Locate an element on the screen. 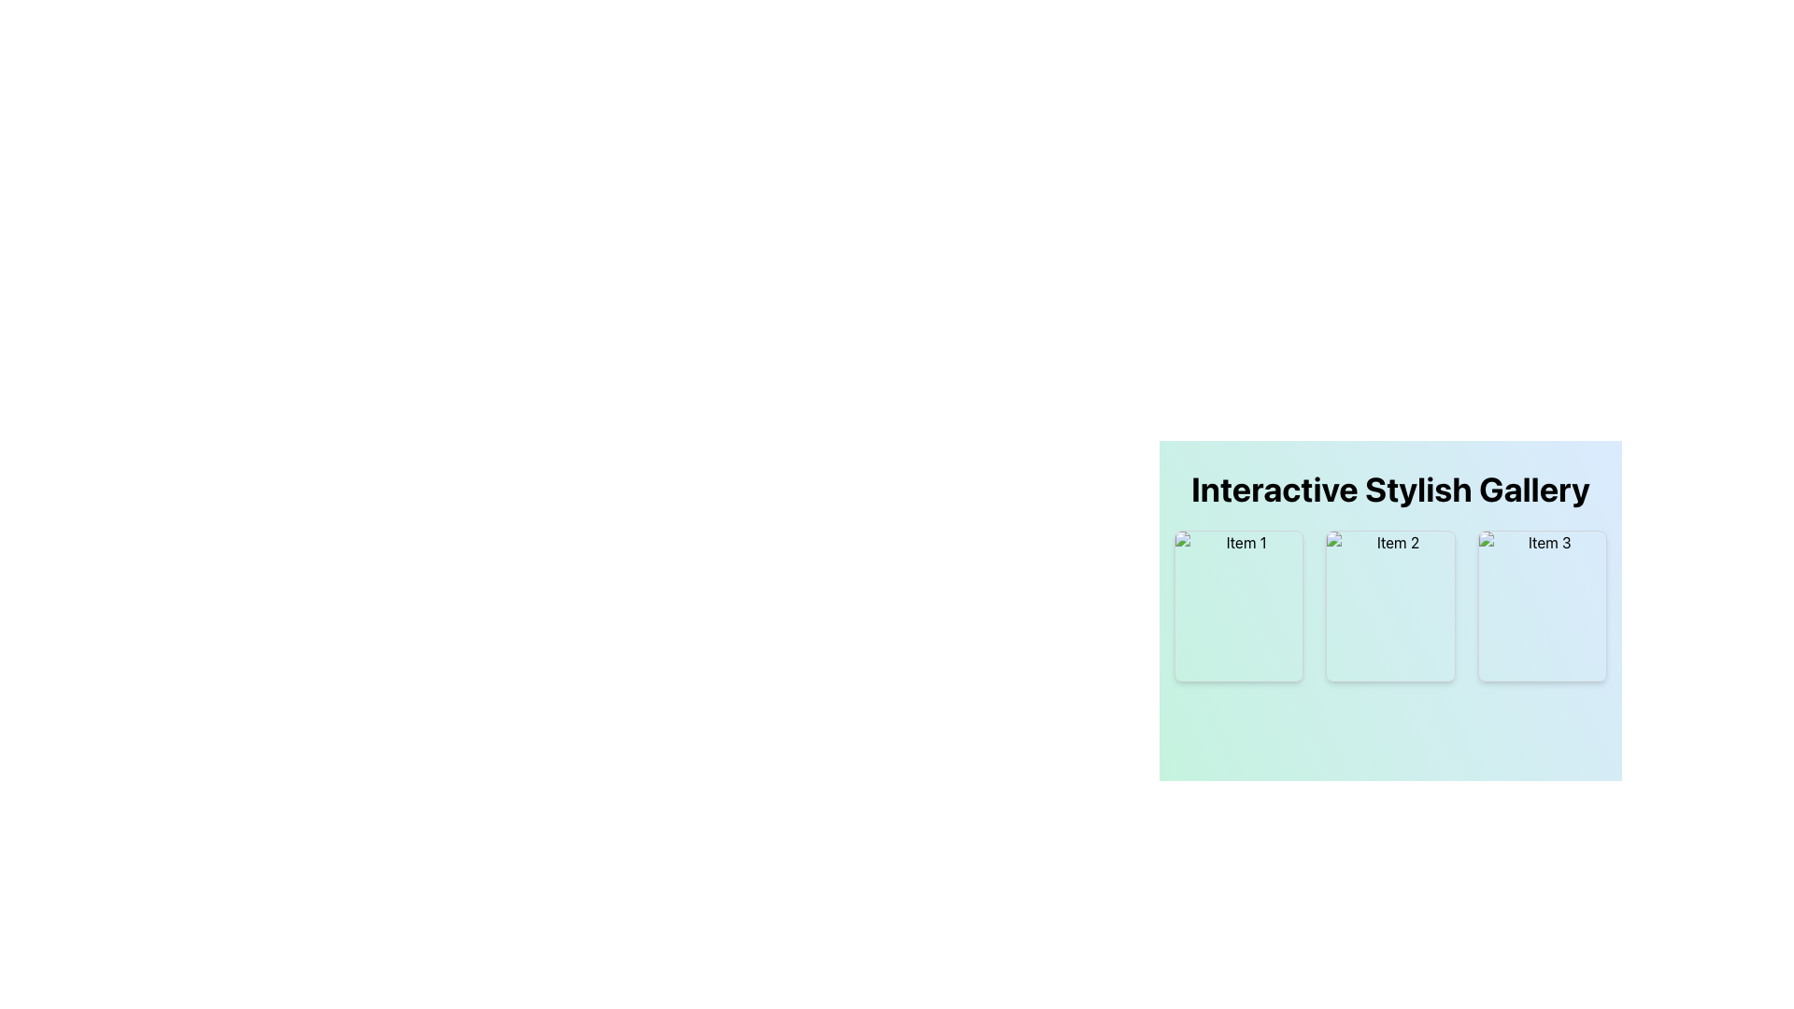 The height and width of the screenshot is (1009, 1794). the visual representation of 'Item 3' is located at coordinates (1542, 605).